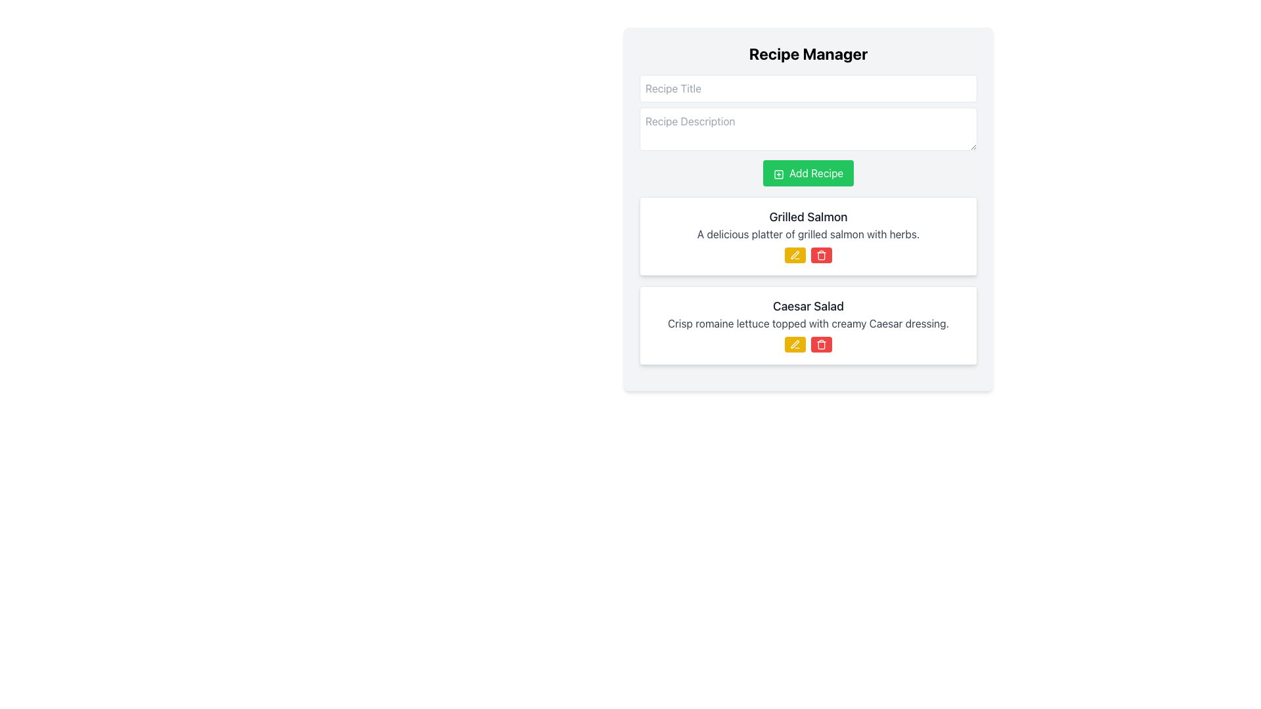  What do you see at coordinates (807, 306) in the screenshot?
I see `the 'Caesar Salad' text label, which serves as the title for the recipe entry` at bounding box center [807, 306].